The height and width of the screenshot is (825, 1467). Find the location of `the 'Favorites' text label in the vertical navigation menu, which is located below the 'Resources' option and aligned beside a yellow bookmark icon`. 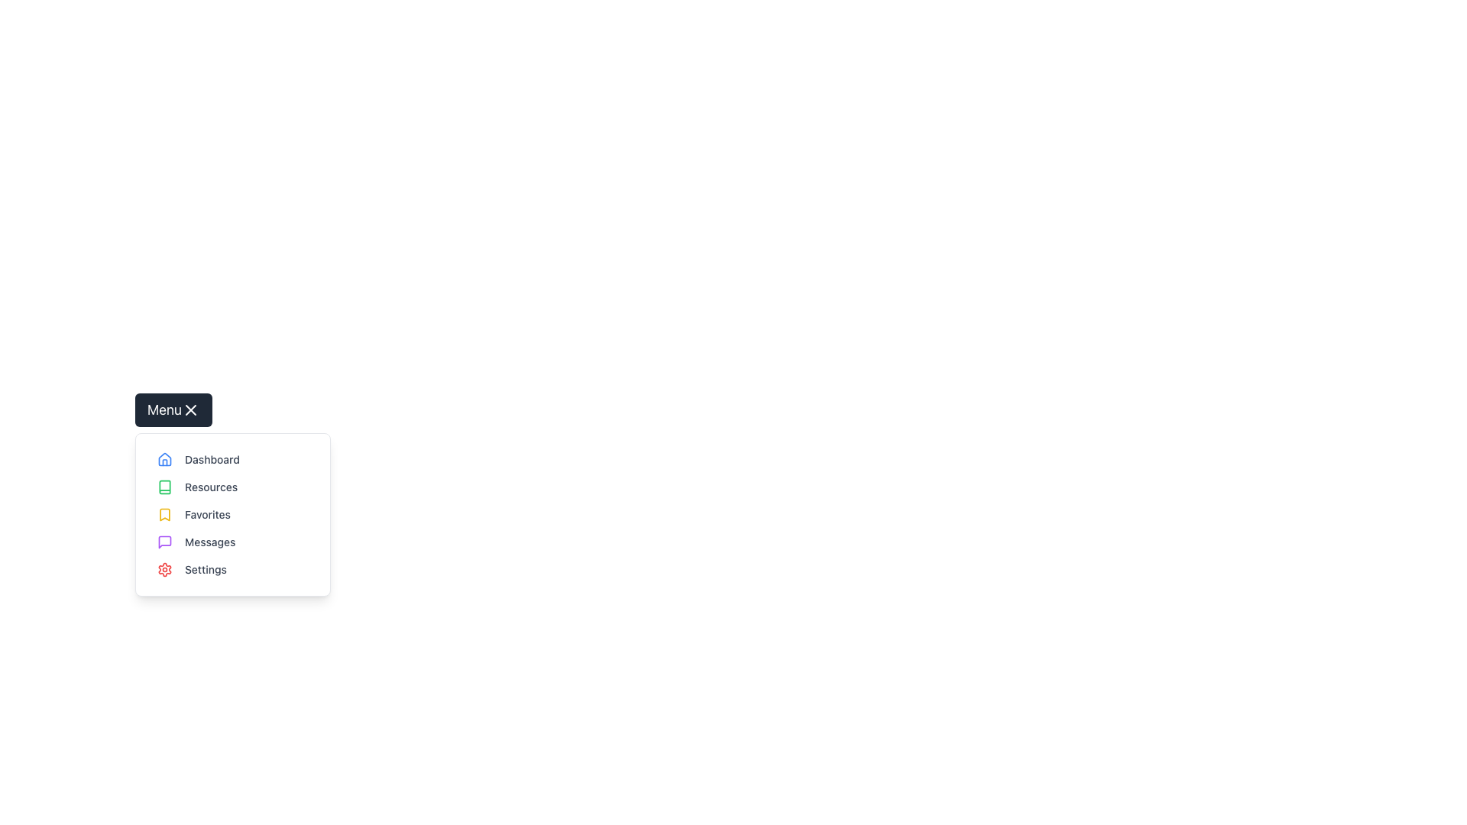

the 'Favorites' text label in the vertical navigation menu, which is located below the 'Resources' option and aligned beside a yellow bookmark icon is located at coordinates (207, 515).